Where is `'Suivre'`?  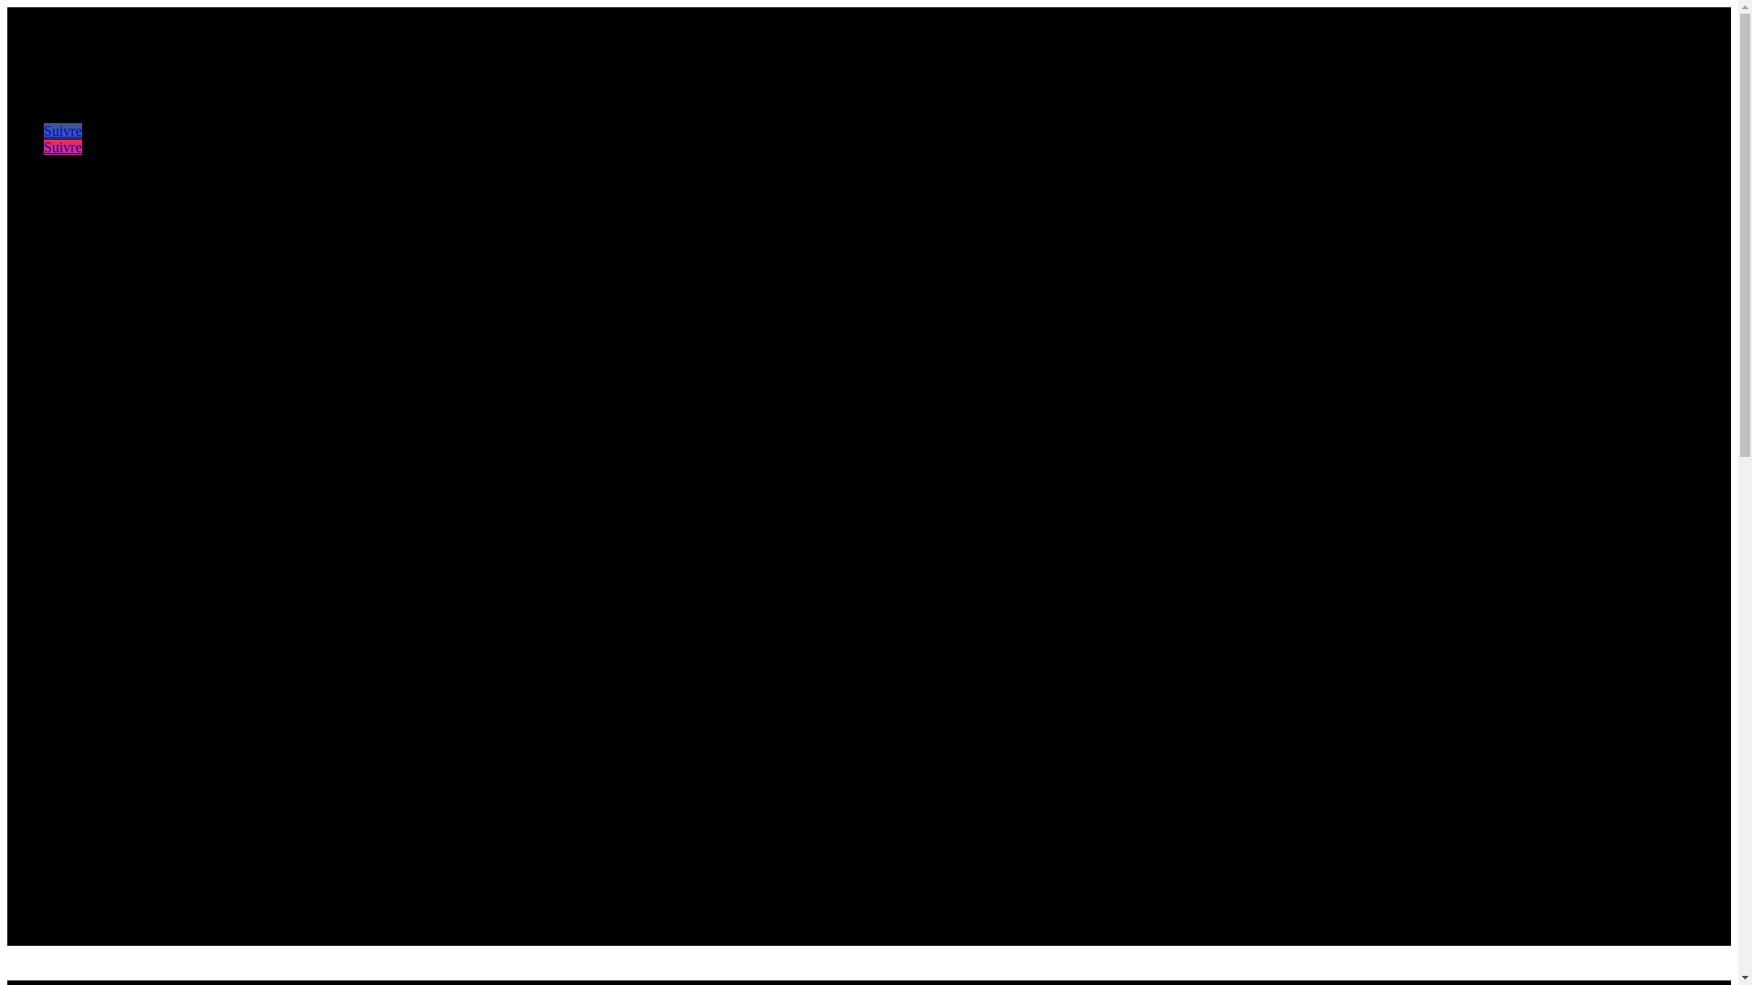
'Suivre' is located at coordinates (62, 146).